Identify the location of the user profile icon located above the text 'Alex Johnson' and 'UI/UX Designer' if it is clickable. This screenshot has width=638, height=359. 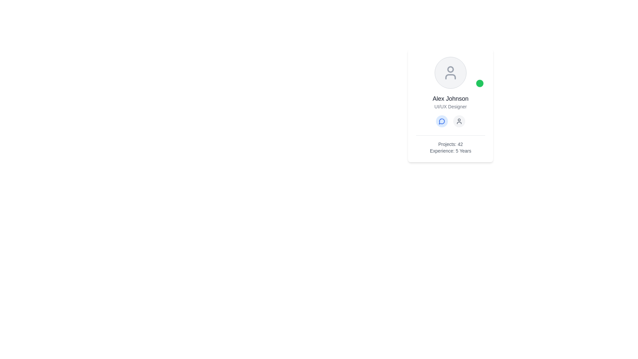
(451, 73).